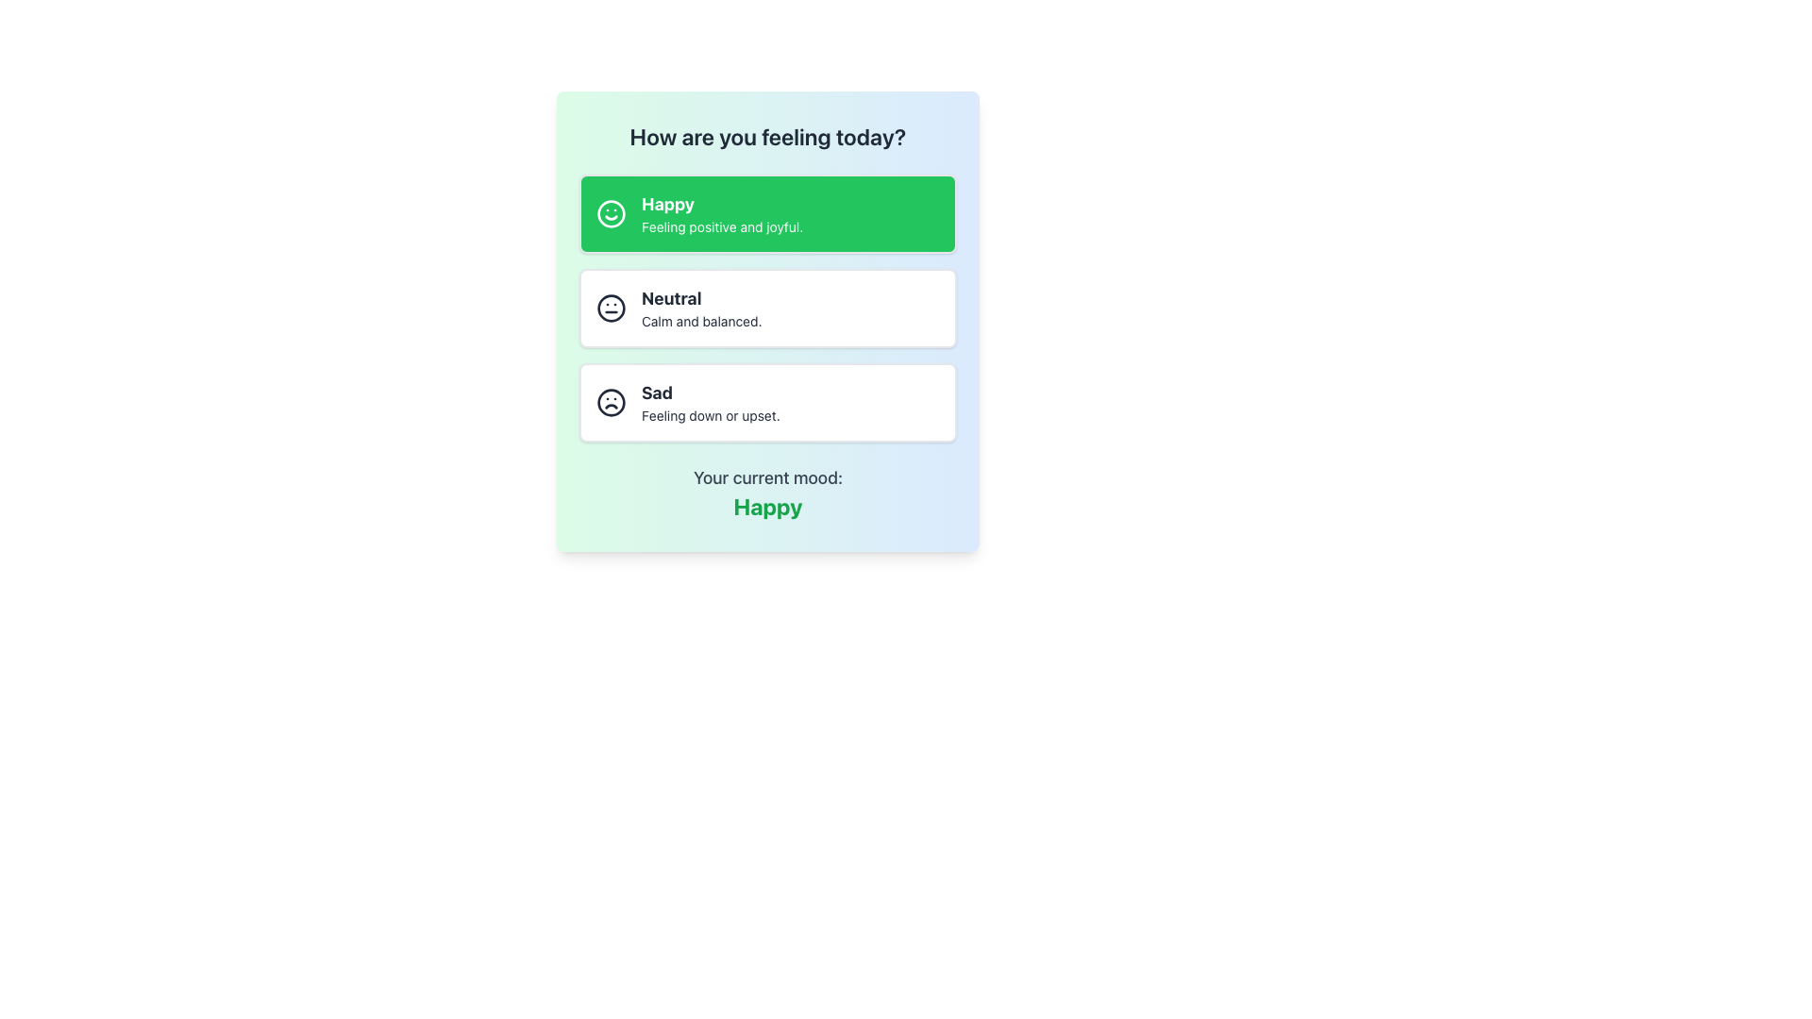 This screenshot has width=1812, height=1019. Describe the element at coordinates (768, 476) in the screenshot. I see `the text label that says 'Your current mood:' which is formatted in bold and gray, located below the main mood selection area` at that location.